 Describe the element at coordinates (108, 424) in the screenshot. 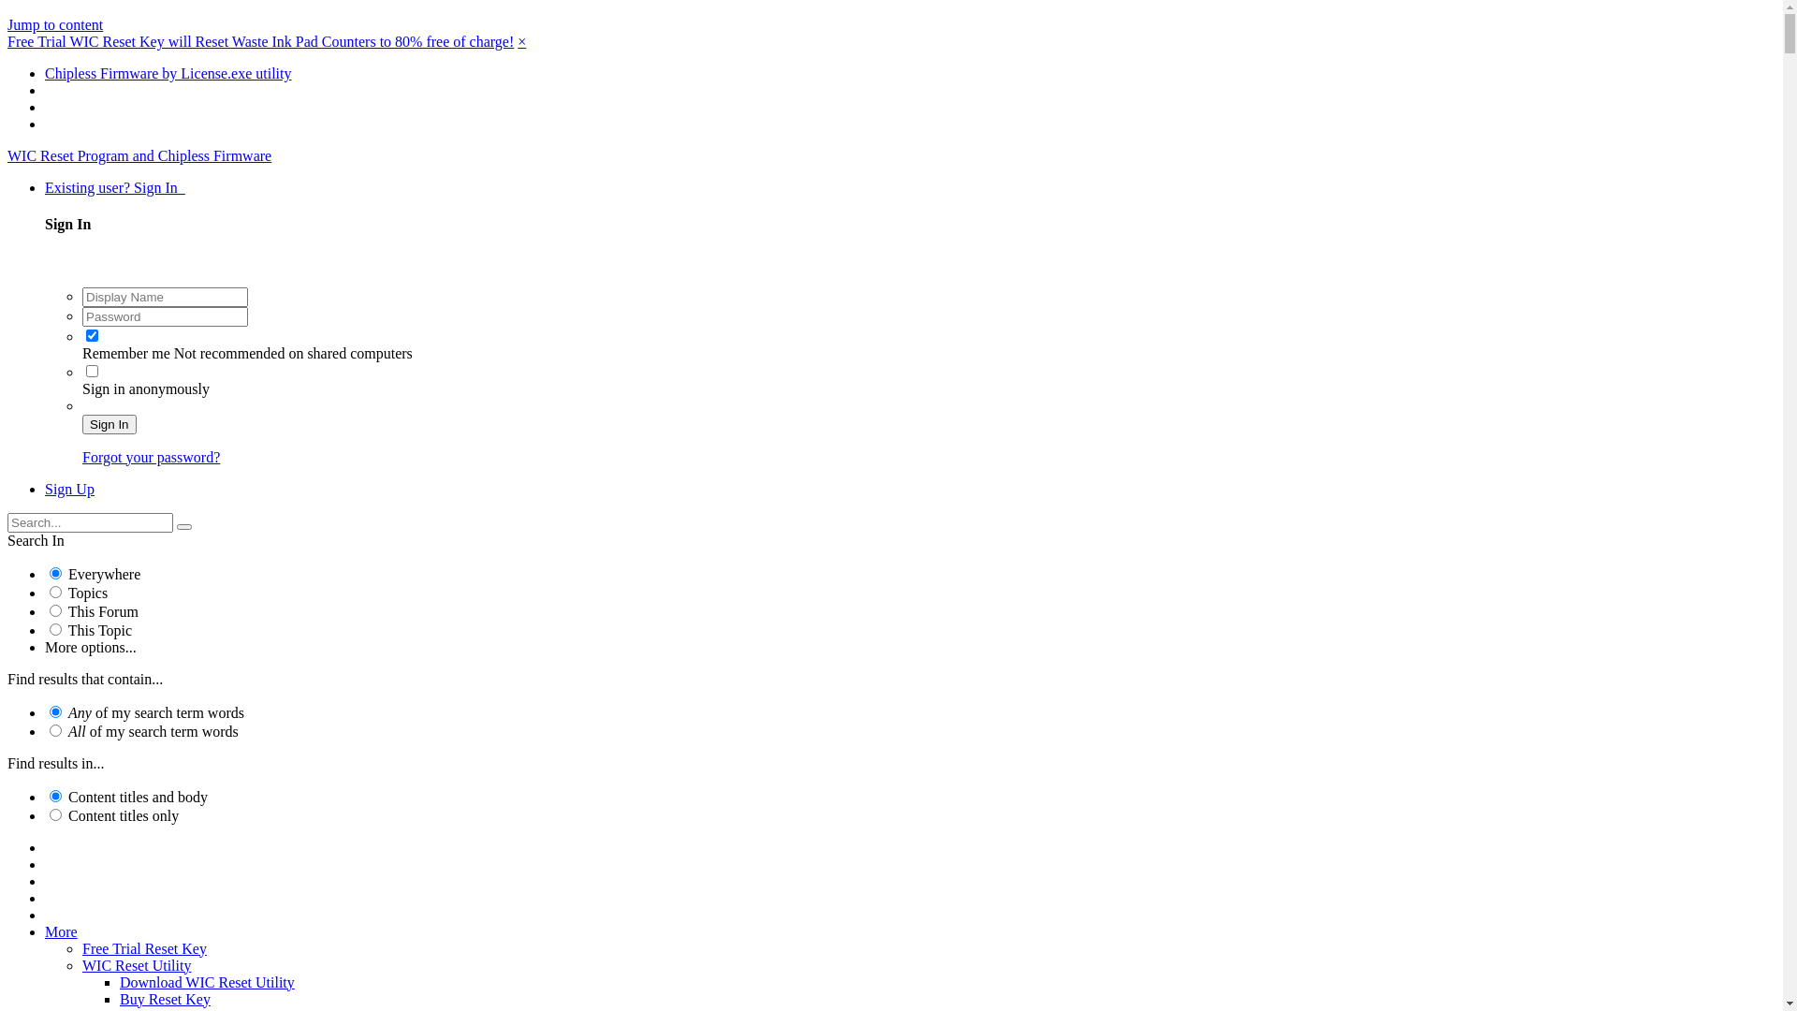

I see `'Sign In'` at that location.